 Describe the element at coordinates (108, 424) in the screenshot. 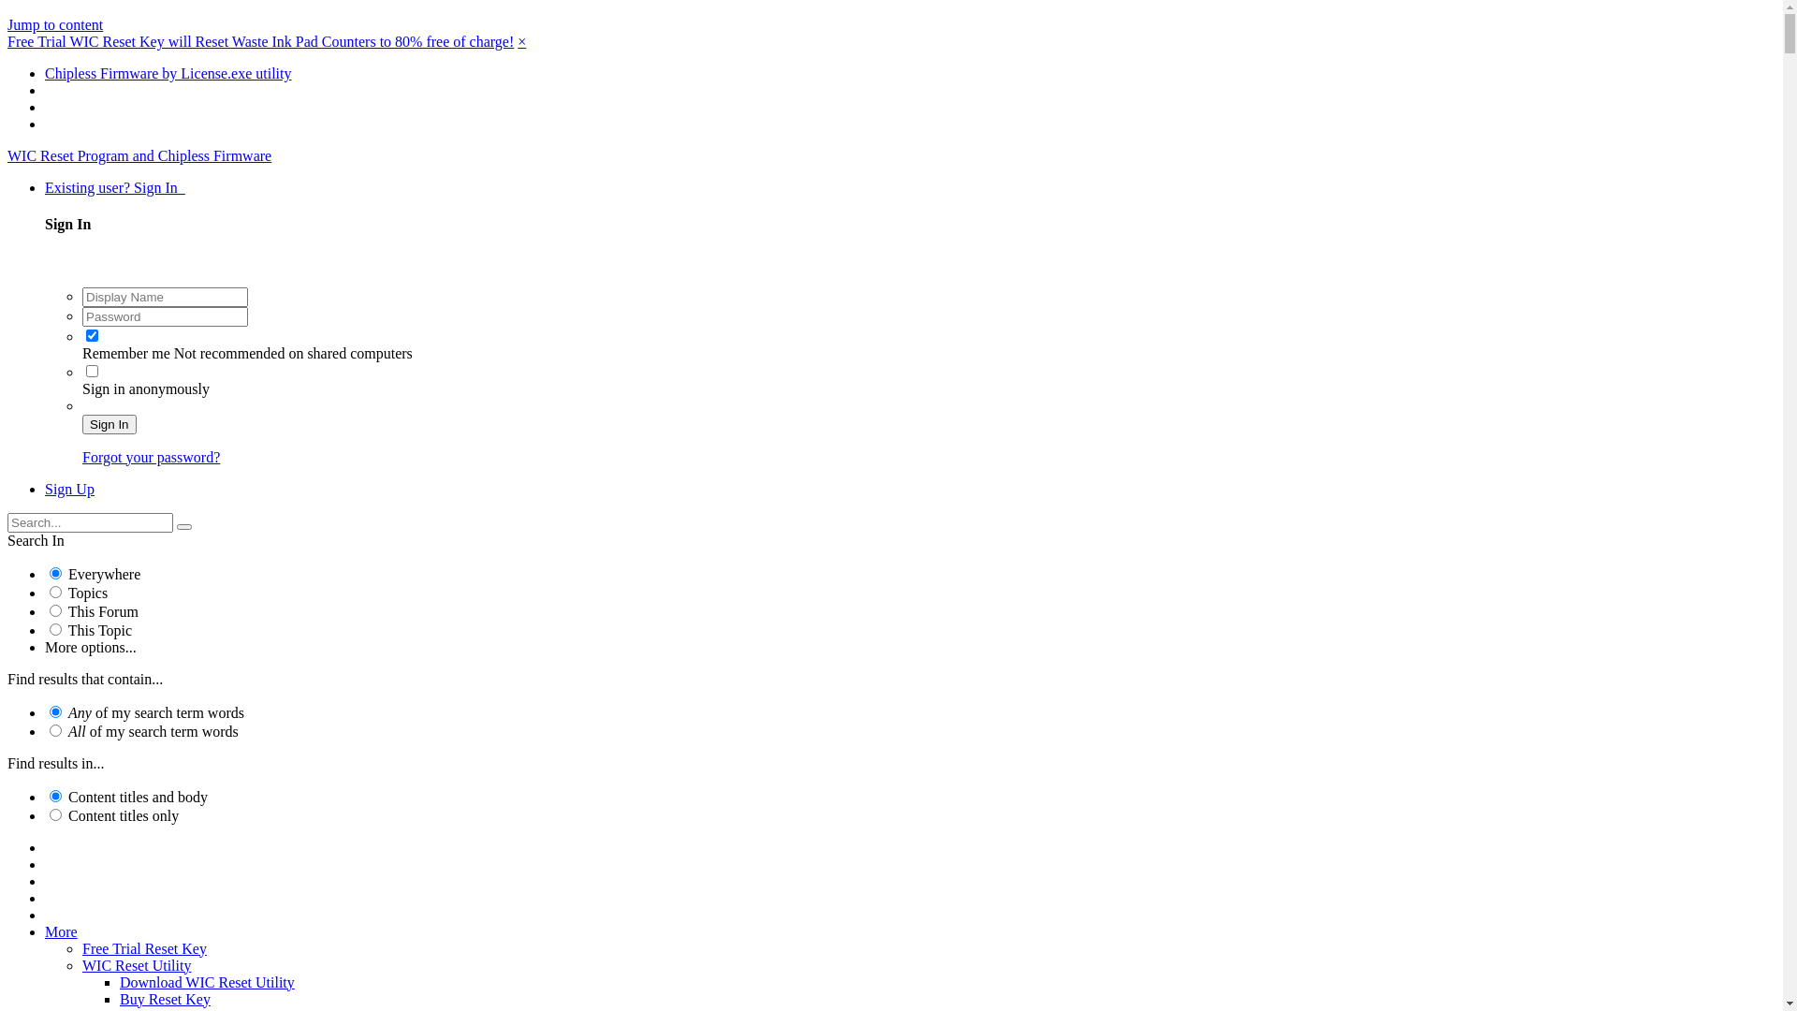

I see `'Sign In'` at that location.